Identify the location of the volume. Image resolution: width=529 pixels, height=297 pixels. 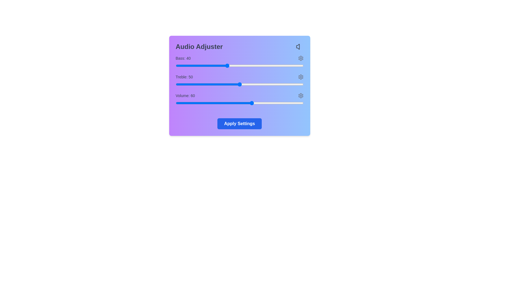
(211, 103).